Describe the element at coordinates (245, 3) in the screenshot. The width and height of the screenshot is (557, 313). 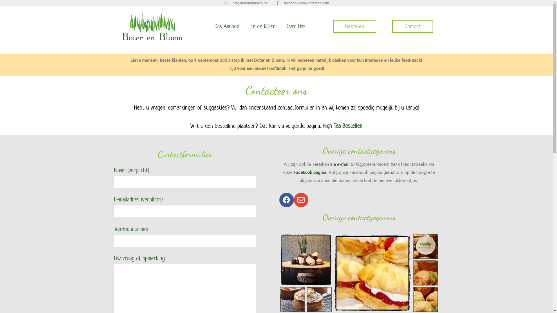
I see `'info@boterenbloem.be'` at that location.